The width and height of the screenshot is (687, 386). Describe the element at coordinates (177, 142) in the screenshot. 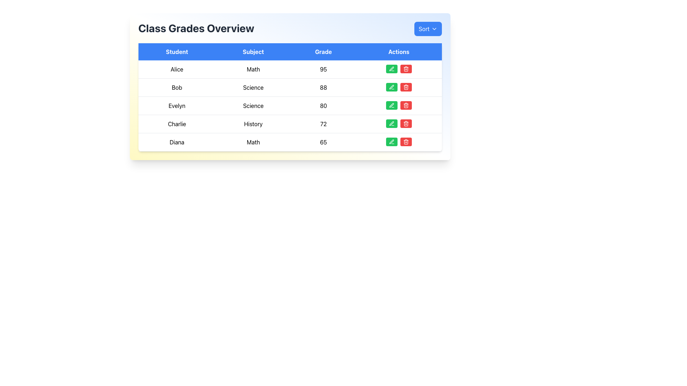

I see `the static text label displaying the name 'Diana' in the fifth row of the table under the 'Student' column` at that location.